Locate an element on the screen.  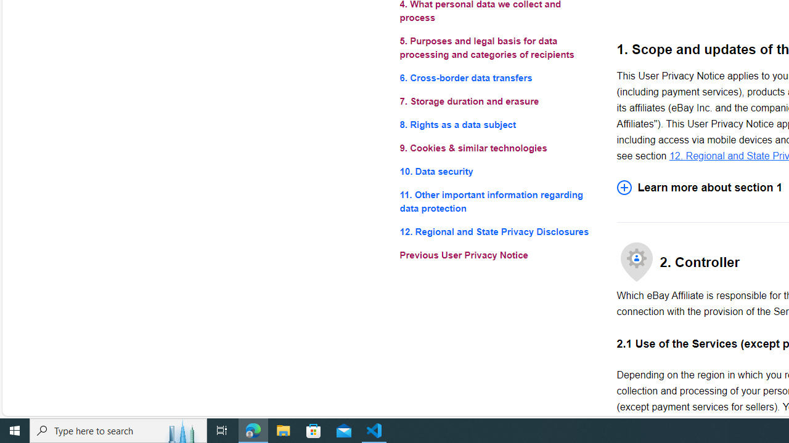
'11. Other important information regarding data protection' is located at coordinates (498, 201).